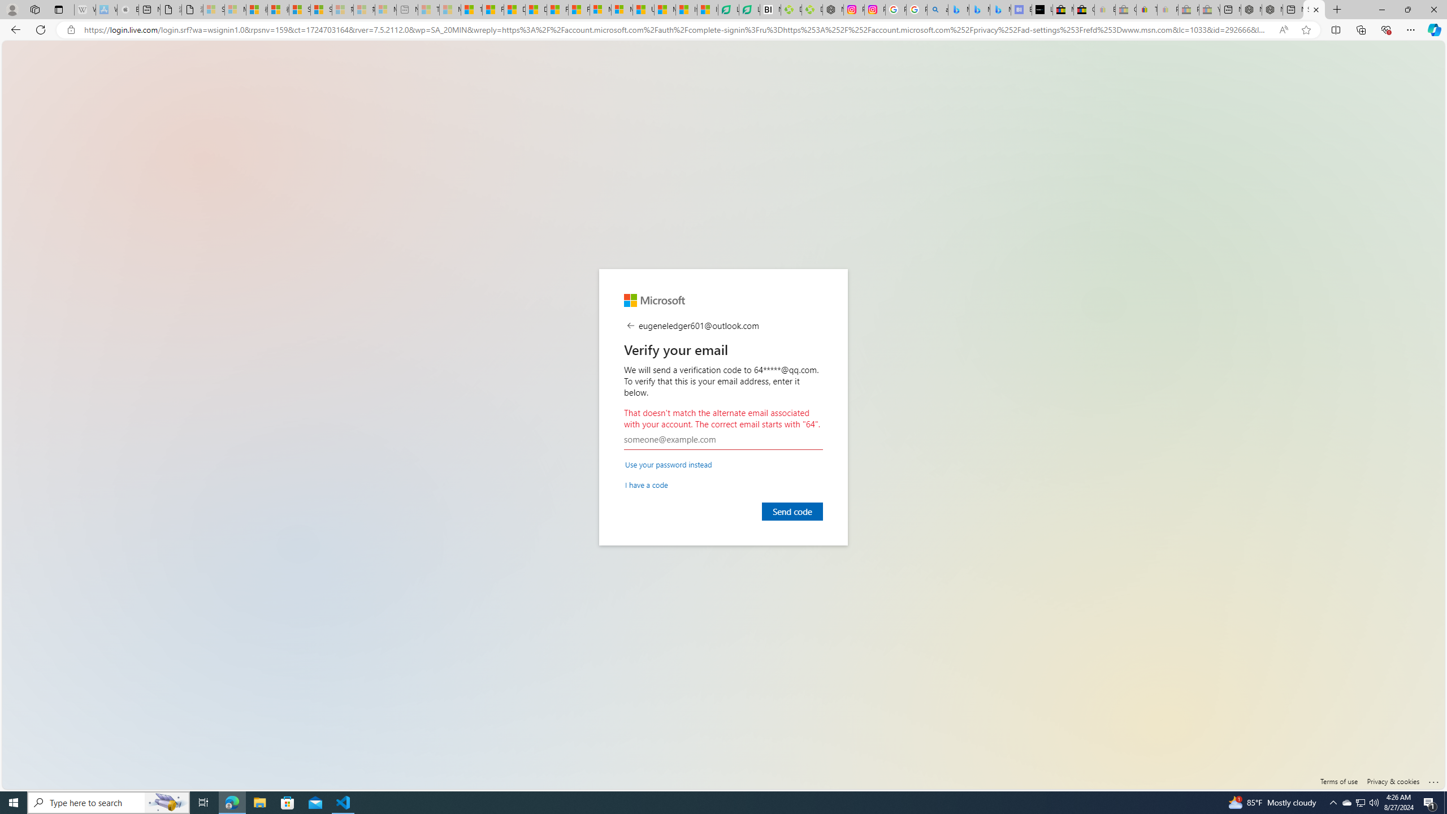 This screenshot has width=1447, height=814. Describe the element at coordinates (938, 9) in the screenshot. I see `'alabama high school quarterback dies - Search'` at that location.